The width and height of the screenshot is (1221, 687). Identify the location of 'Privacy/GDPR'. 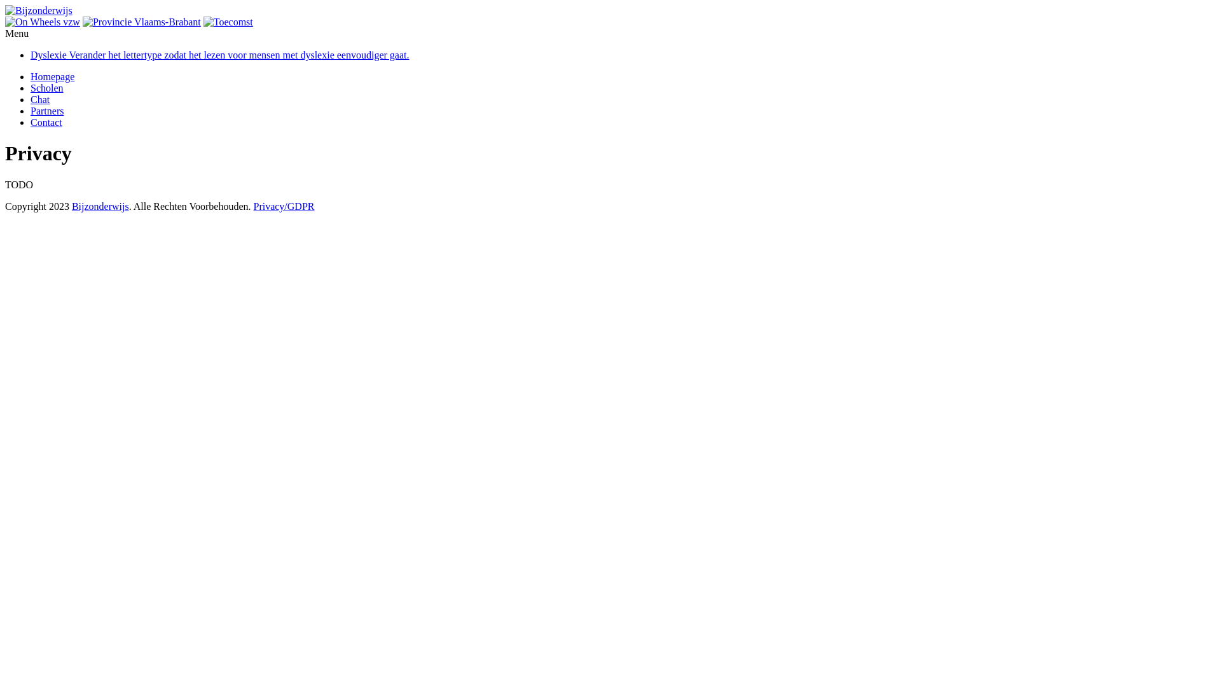
(283, 205).